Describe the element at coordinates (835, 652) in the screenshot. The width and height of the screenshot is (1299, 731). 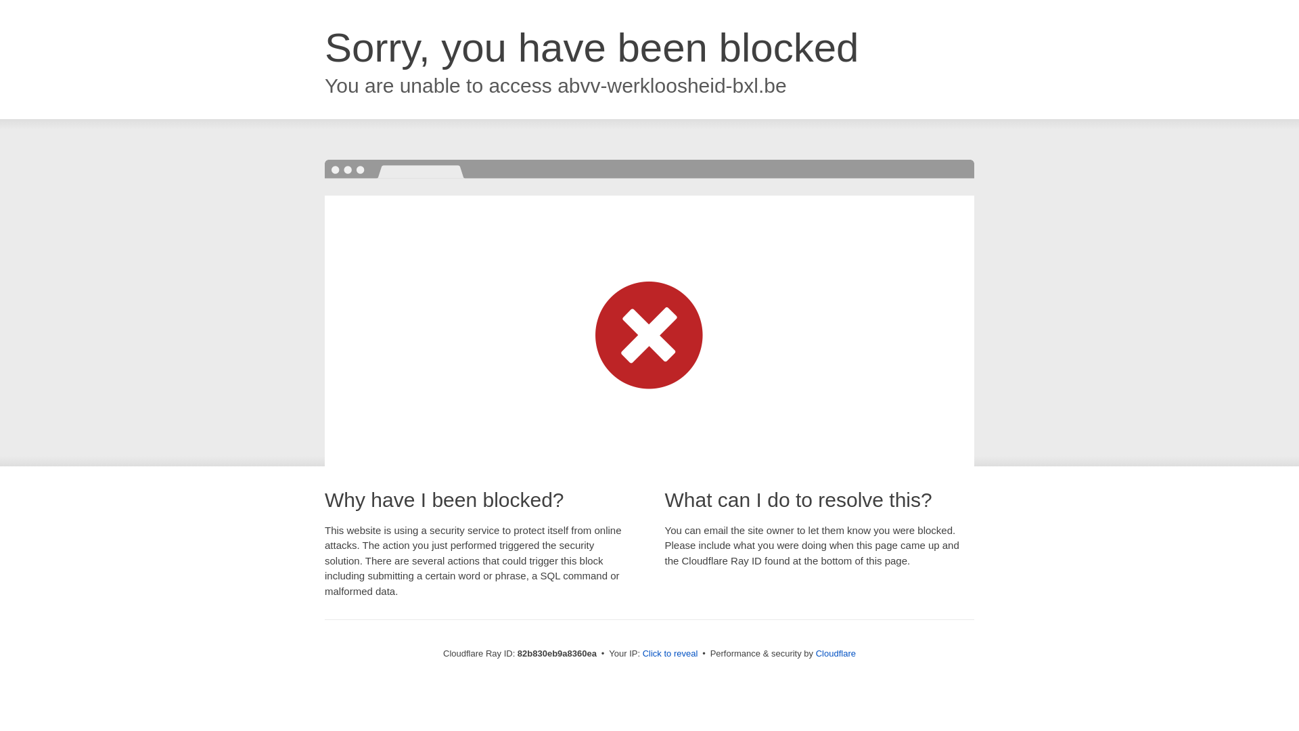
I see `'Cloudflare'` at that location.